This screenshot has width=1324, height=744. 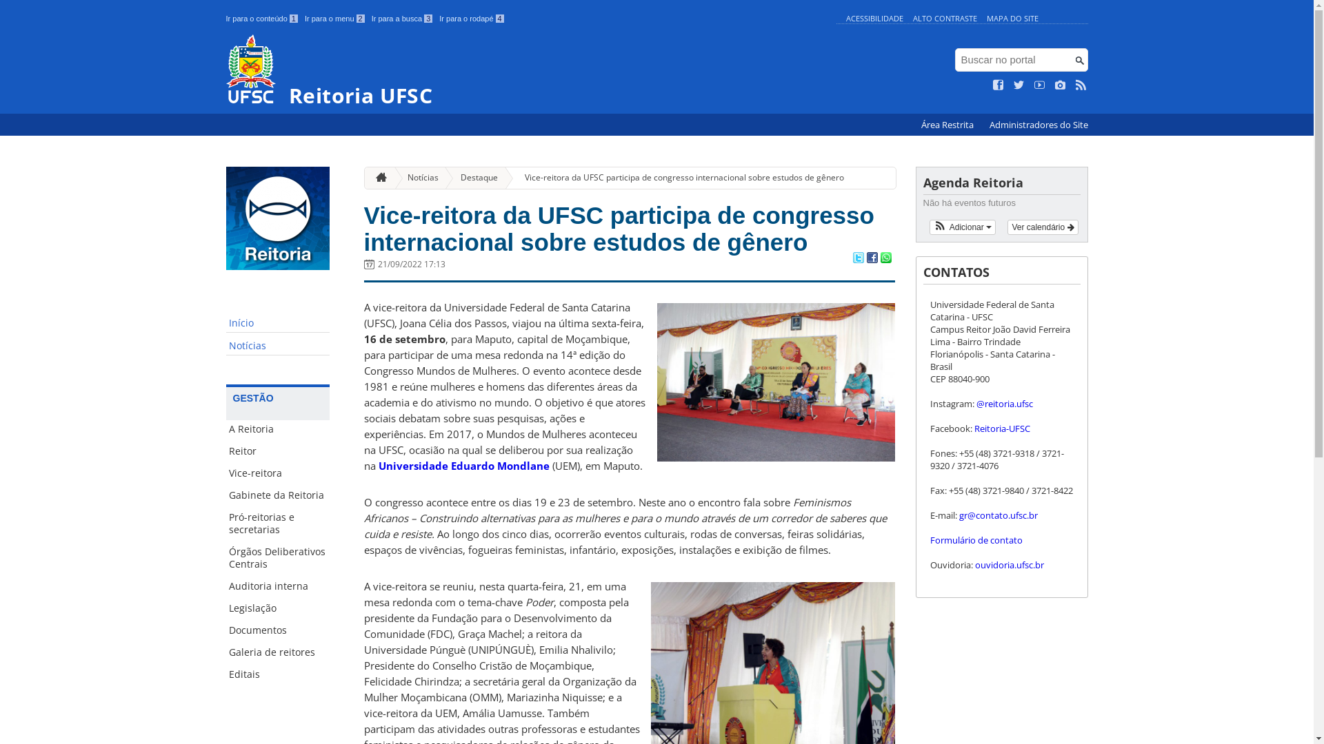 What do you see at coordinates (277, 428) in the screenshot?
I see `'A Reitoria'` at bounding box center [277, 428].